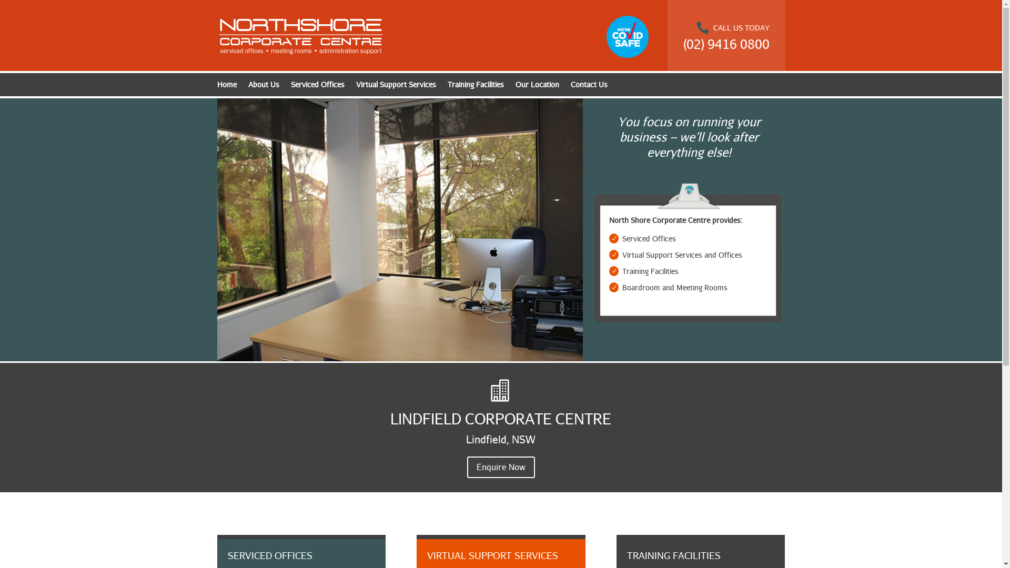 The height and width of the screenshot is (568, 1010). Describe the element at coordinates (226, 86) in the screenshot. I see `'Home'` at that location.